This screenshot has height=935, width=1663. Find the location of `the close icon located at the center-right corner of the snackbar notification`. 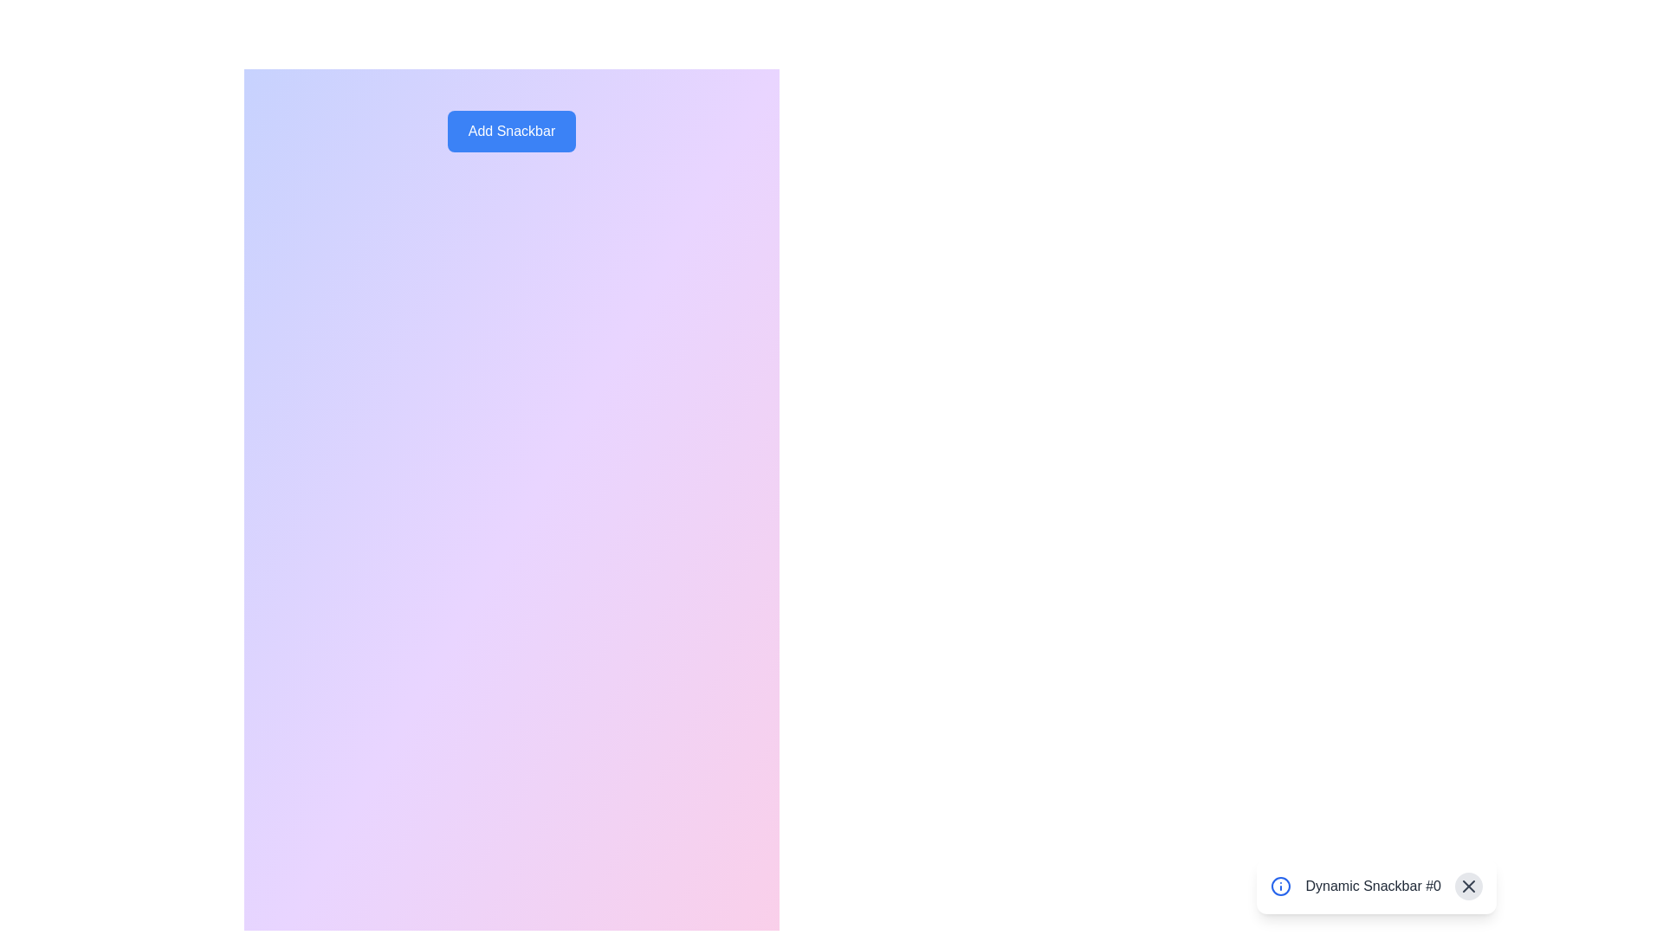

the close icon located at the center-right corner of the snackbar notification is located at coordinates (1467, 886).